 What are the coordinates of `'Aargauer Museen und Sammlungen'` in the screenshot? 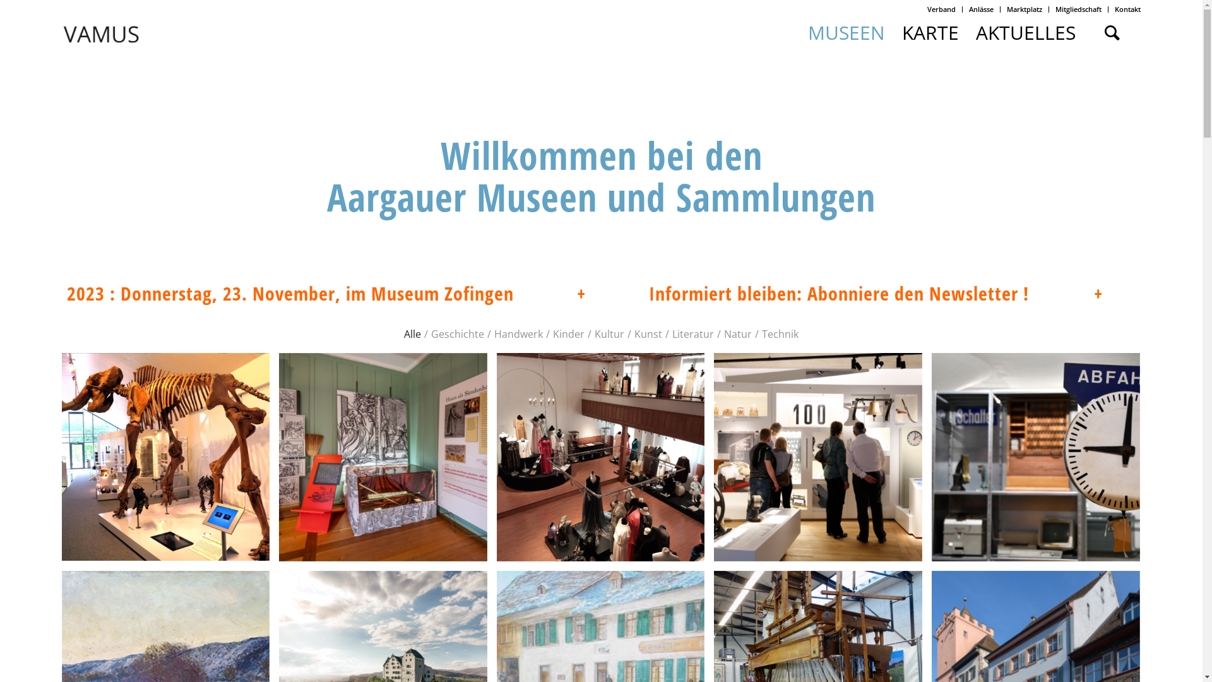 It's located at (600, 197).